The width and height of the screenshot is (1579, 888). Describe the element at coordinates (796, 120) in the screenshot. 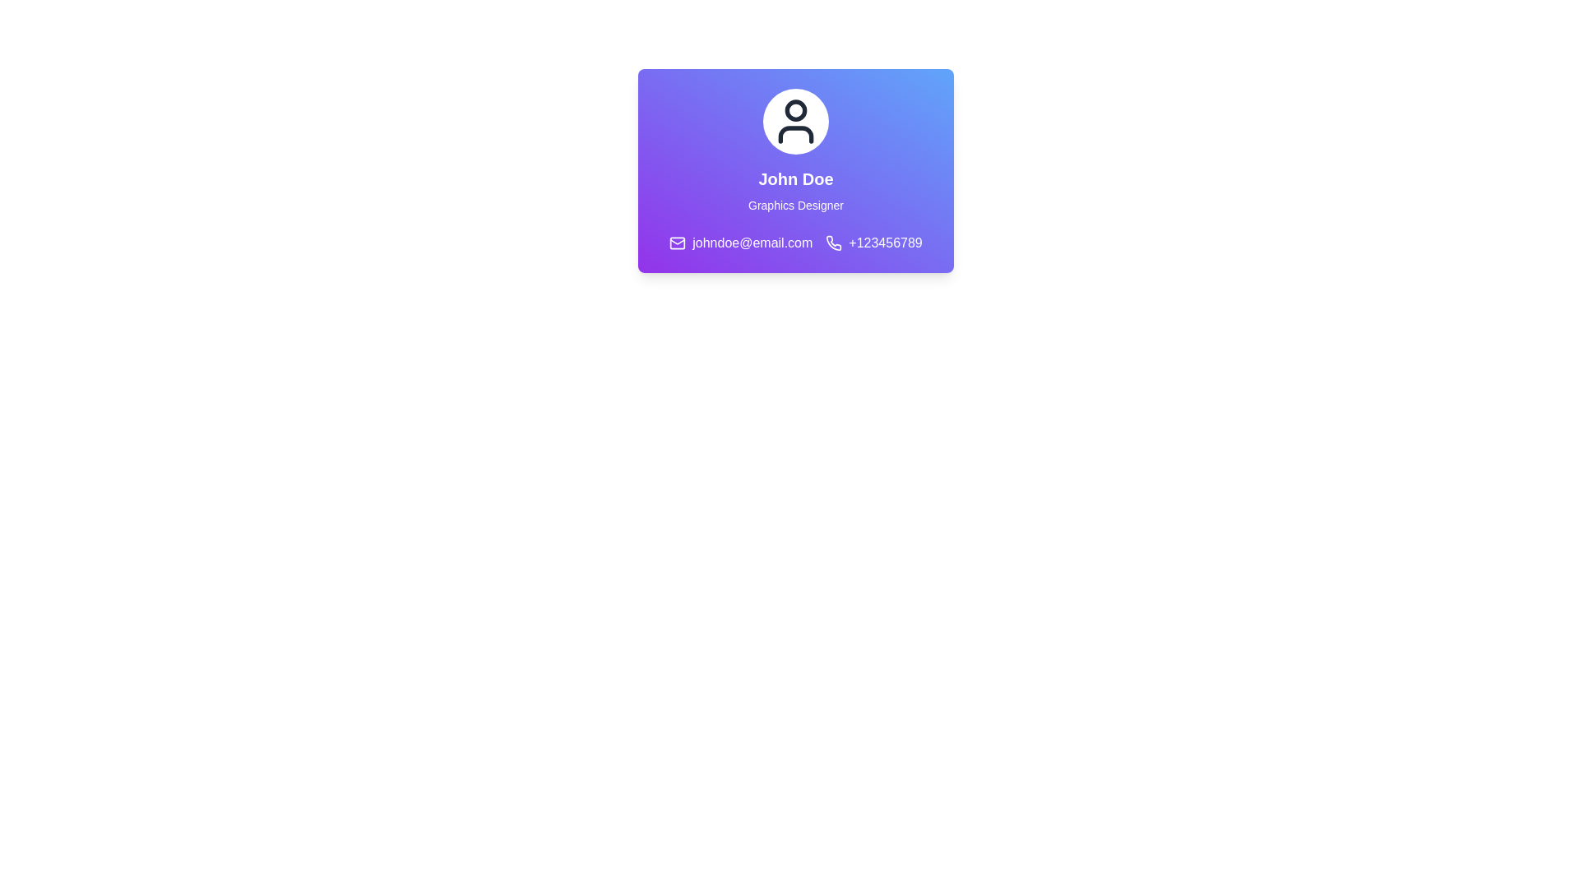

I see `the user profile avatar, which is a white circular area with a thin border containing a dark-colored person icon, located at the top center of the card with a gradient blue-to-purple background` at that location.